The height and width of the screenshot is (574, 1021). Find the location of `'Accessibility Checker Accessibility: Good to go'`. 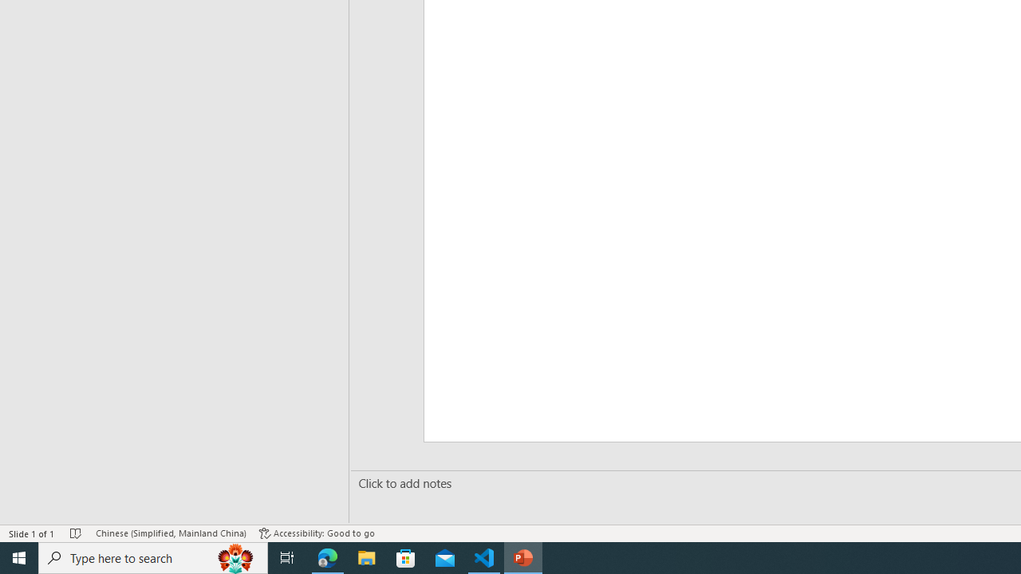

'Accessibility Checker Accessibility: Good to go' is located at coordinates (317, 533).